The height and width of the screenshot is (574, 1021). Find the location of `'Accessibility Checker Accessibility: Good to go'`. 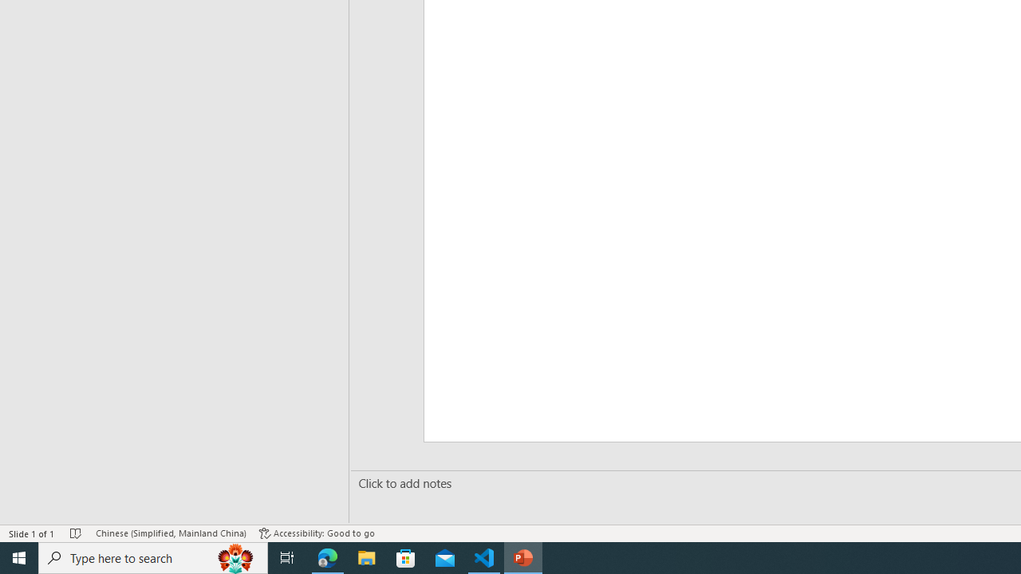

'Accessibility Checker Accessibility: Good to go' is located at coordinates (317, 533).